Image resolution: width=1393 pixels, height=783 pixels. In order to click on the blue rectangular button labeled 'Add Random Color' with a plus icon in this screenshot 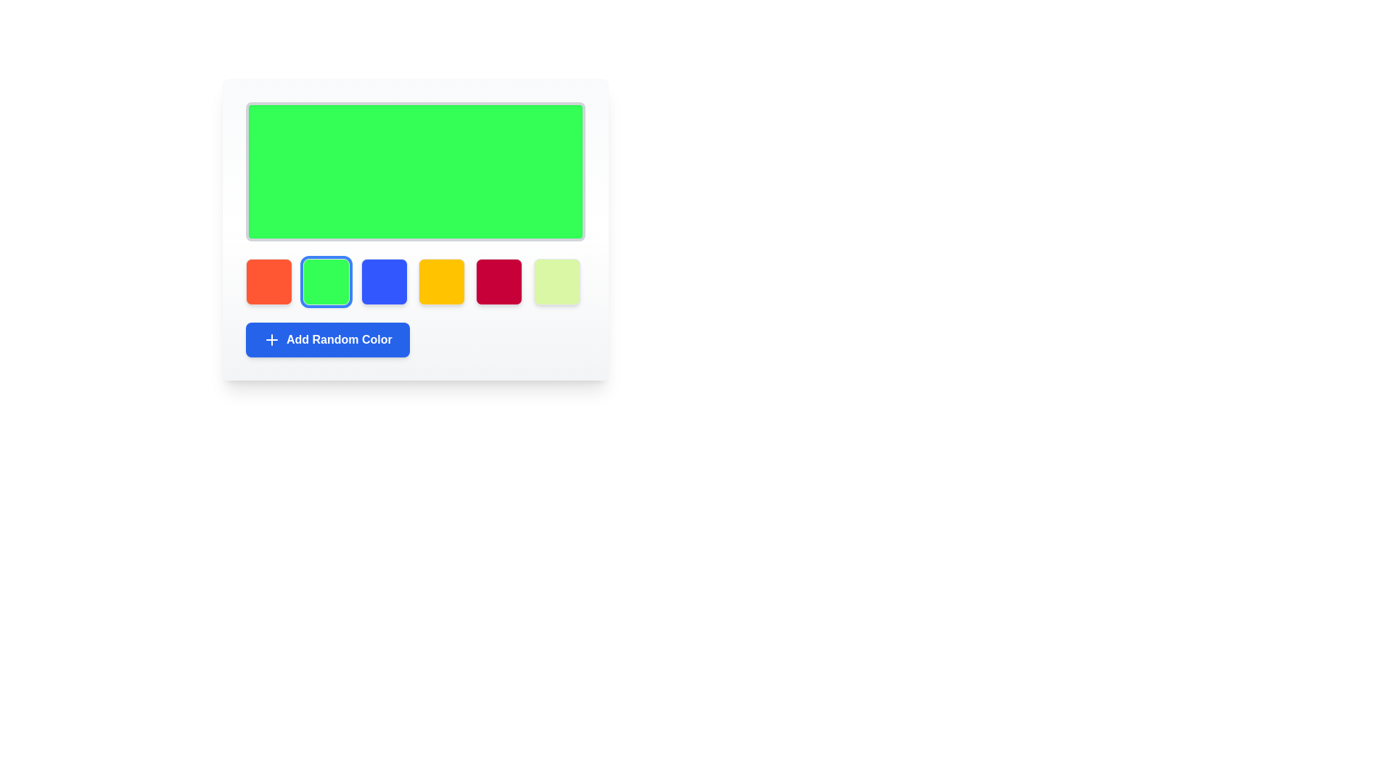, I will do `click(326, 340)`.